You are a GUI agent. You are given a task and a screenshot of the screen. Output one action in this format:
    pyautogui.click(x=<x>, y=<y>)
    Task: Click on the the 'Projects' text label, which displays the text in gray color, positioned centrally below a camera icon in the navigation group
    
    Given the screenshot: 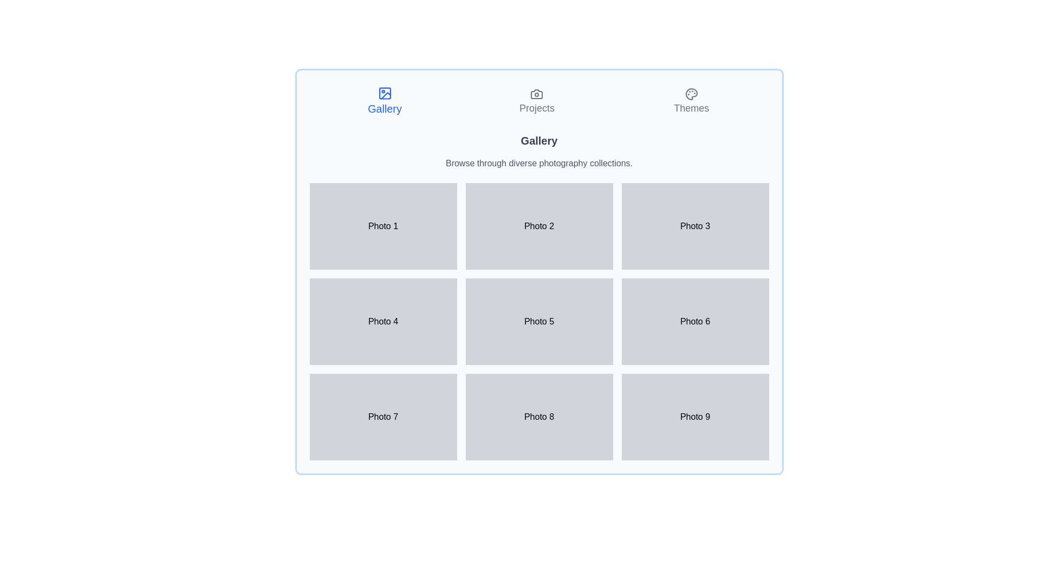 What is the action you would take?
    pyautogui.click(x=537, y=108)
    